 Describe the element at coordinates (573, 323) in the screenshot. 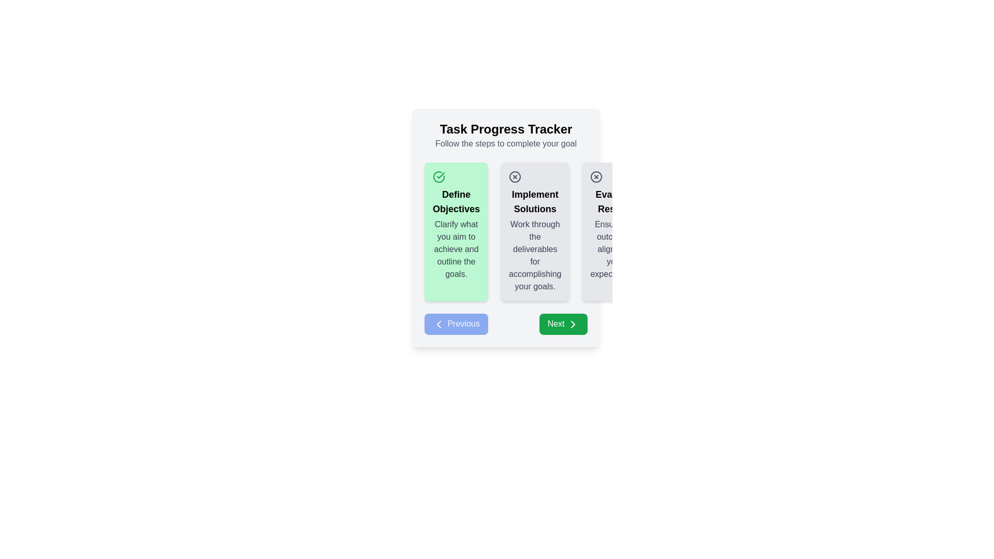

I see `the right-pointing chevron icon located inside the green 'Next' button at the bottom-right corner of the interface, triggering the button's action` at that location.